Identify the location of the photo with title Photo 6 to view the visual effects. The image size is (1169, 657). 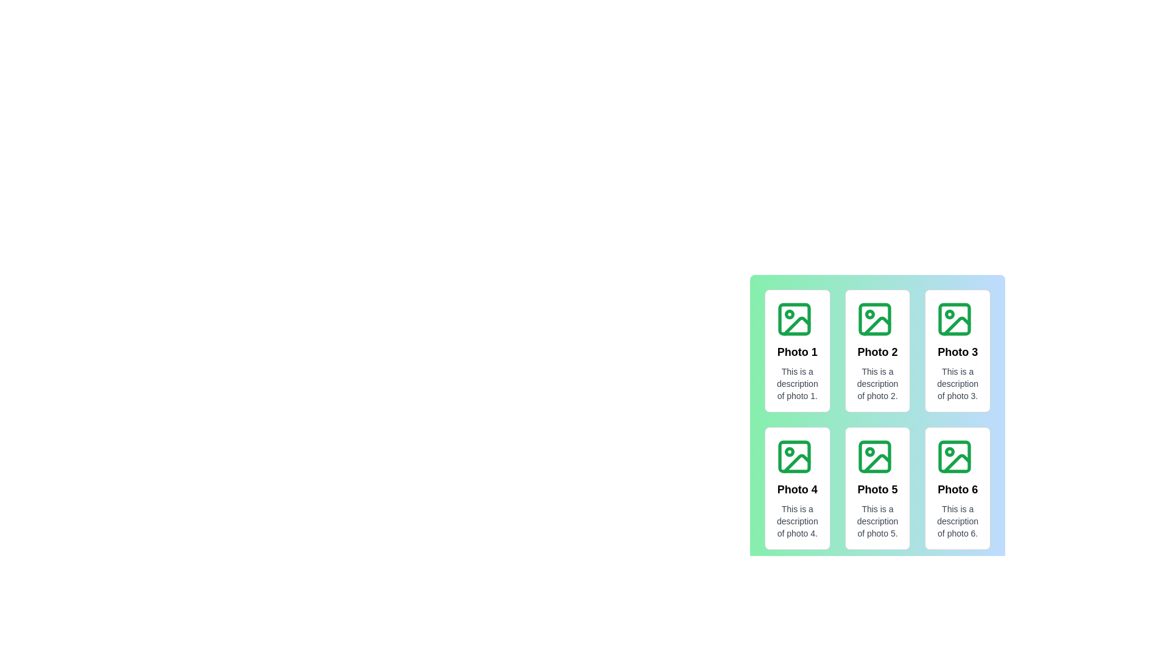
(957, 487).